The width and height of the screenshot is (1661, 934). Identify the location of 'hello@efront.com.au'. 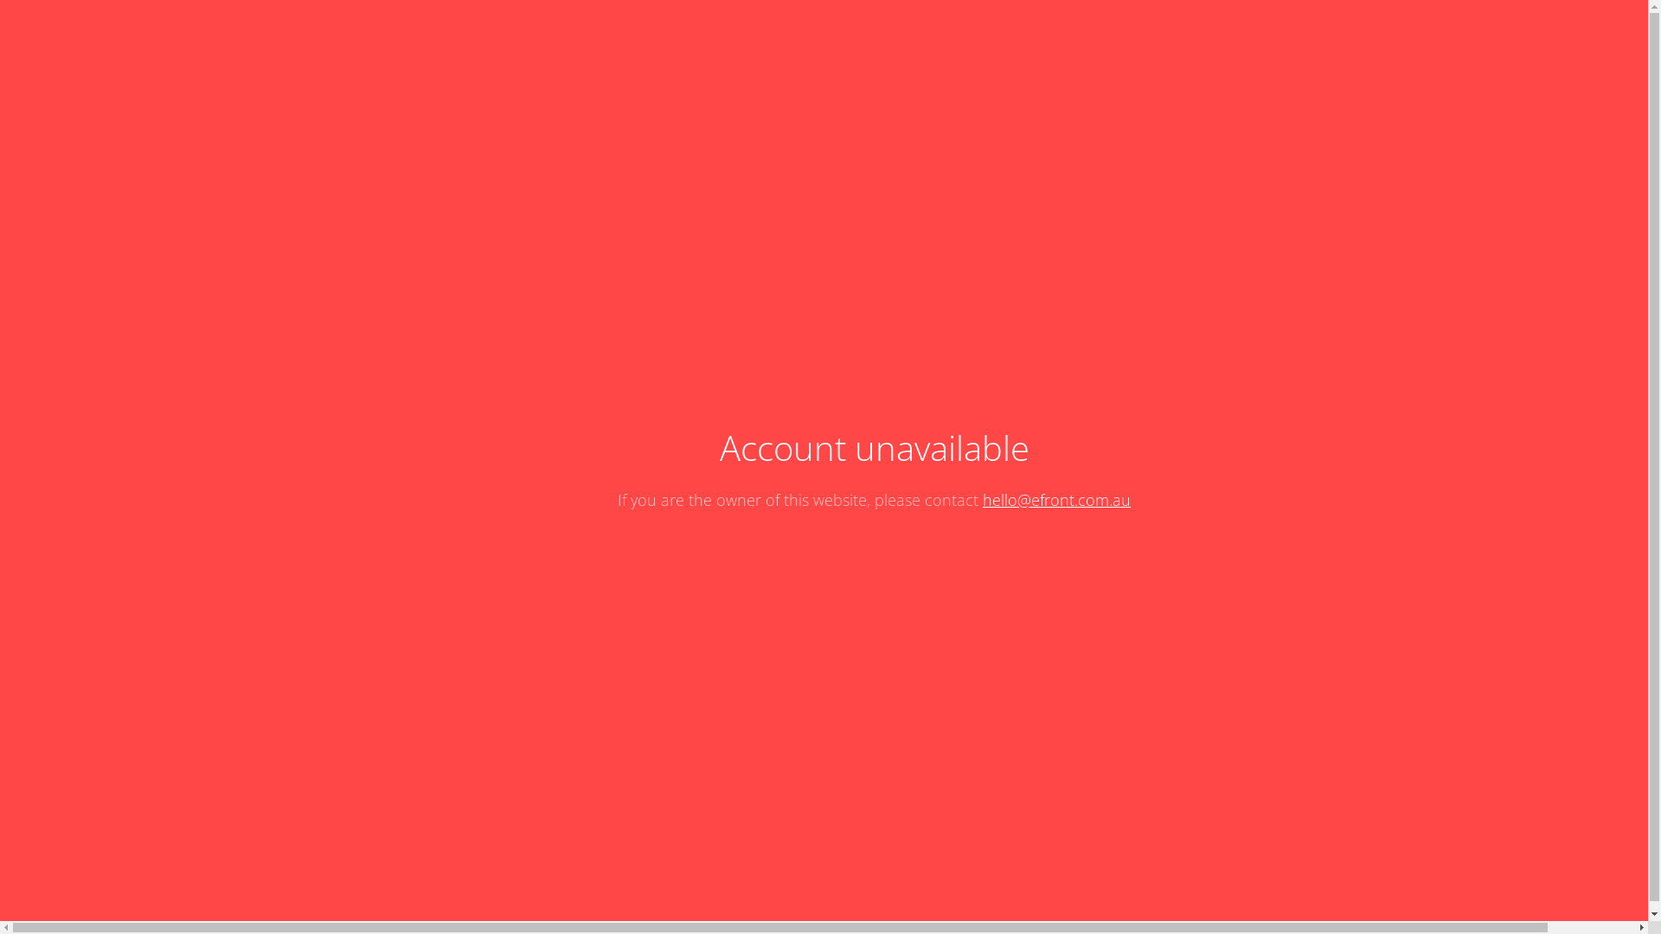
(983, 500).